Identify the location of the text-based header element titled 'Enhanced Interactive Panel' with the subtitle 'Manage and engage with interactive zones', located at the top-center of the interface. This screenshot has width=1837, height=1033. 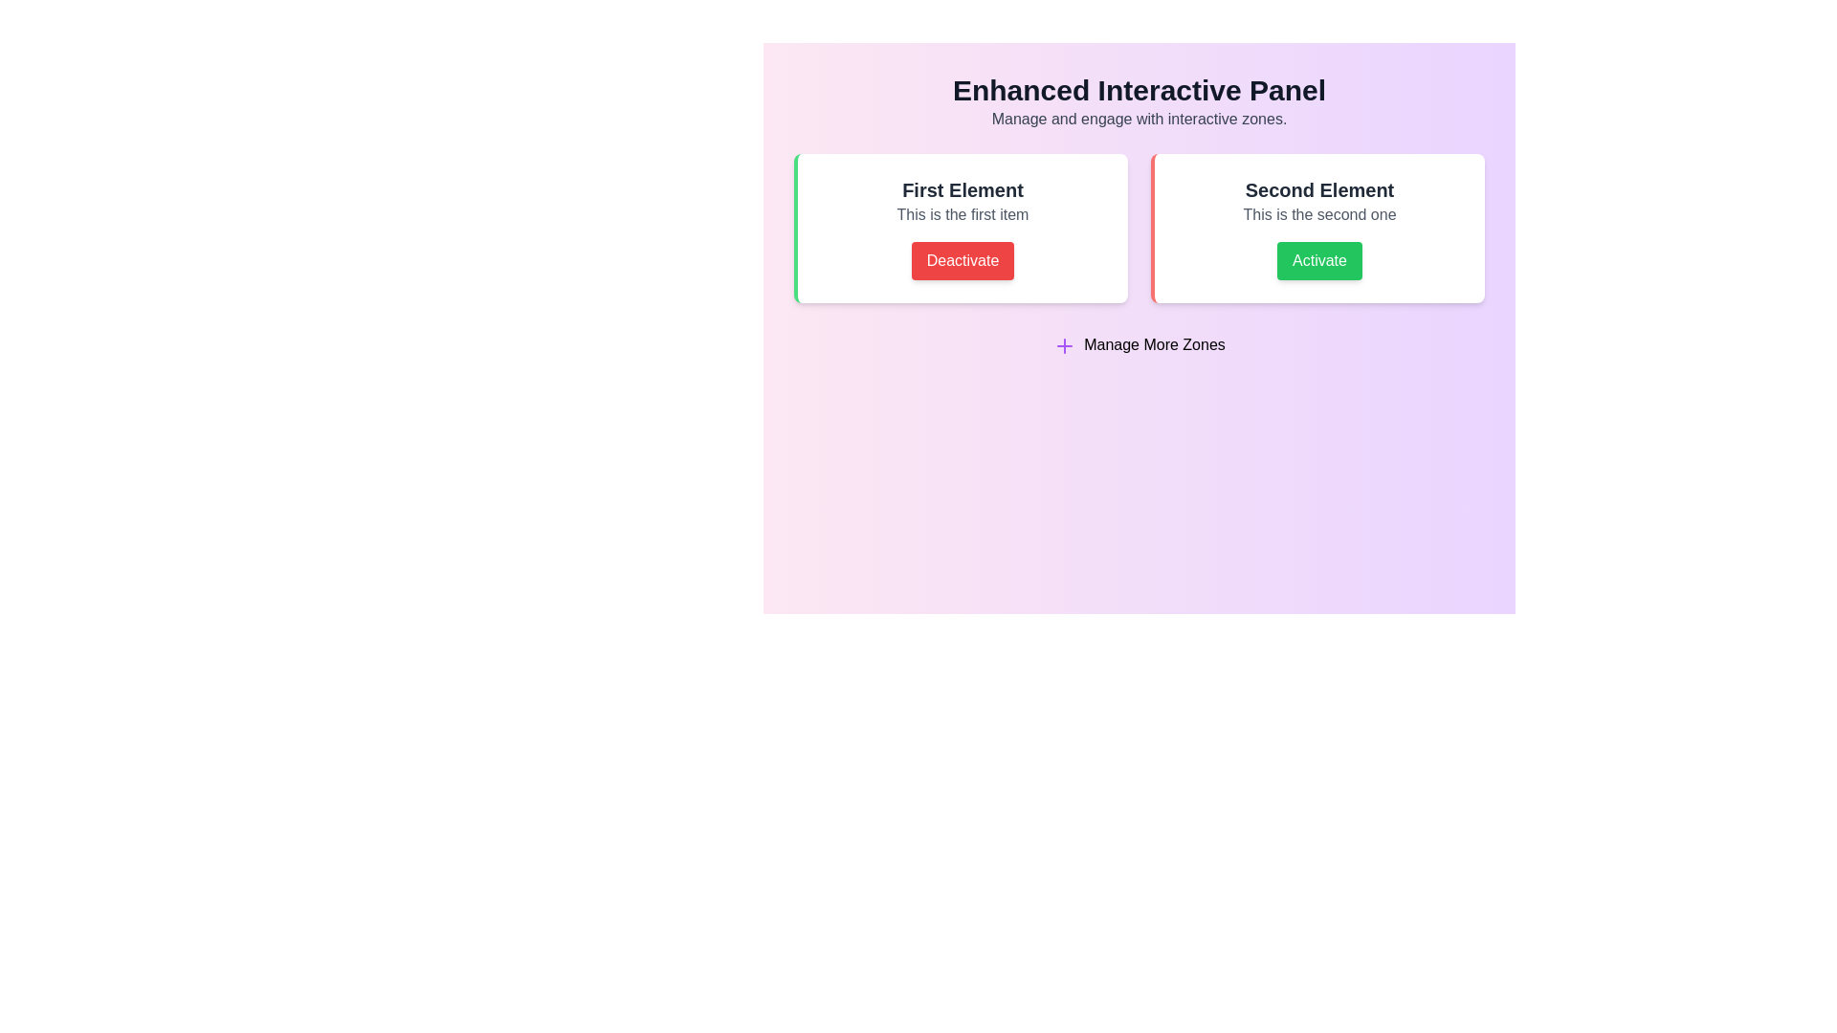
(1139, 102).